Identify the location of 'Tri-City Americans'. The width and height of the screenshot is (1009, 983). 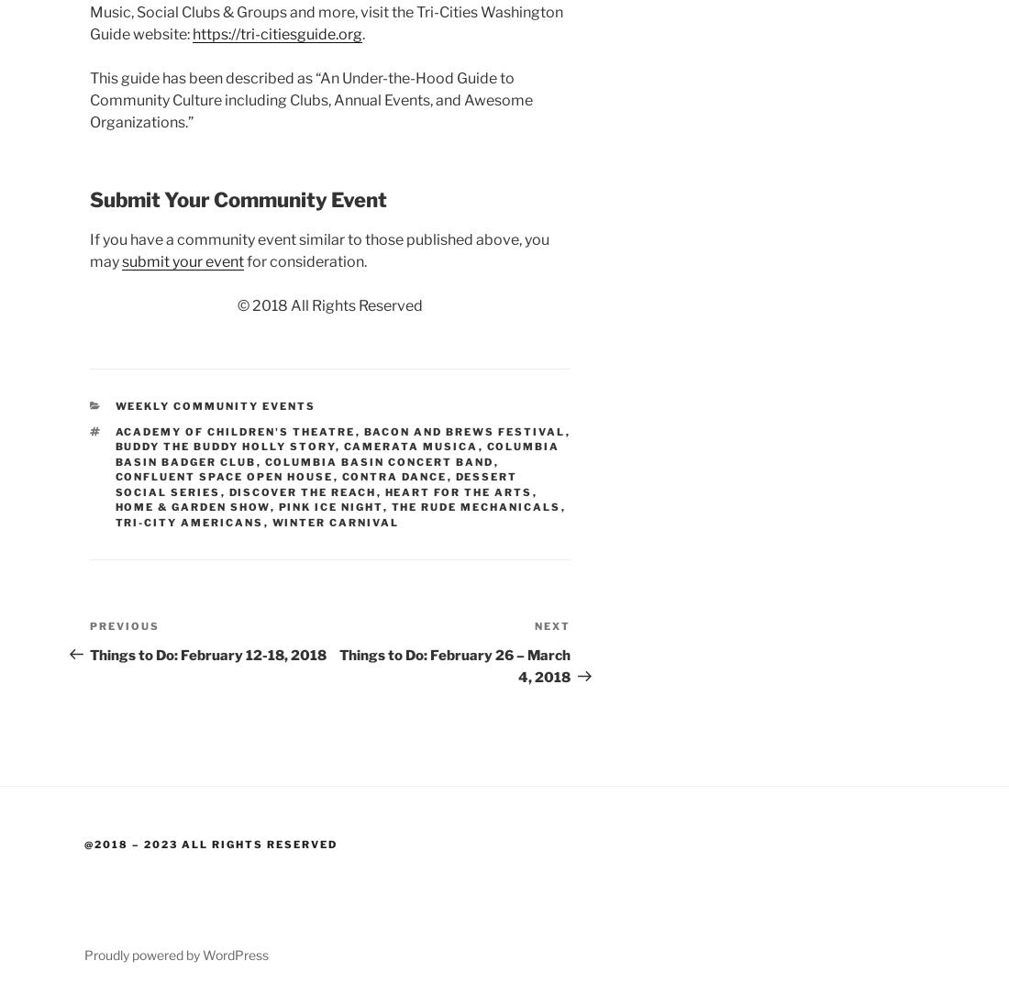
(188, 521).